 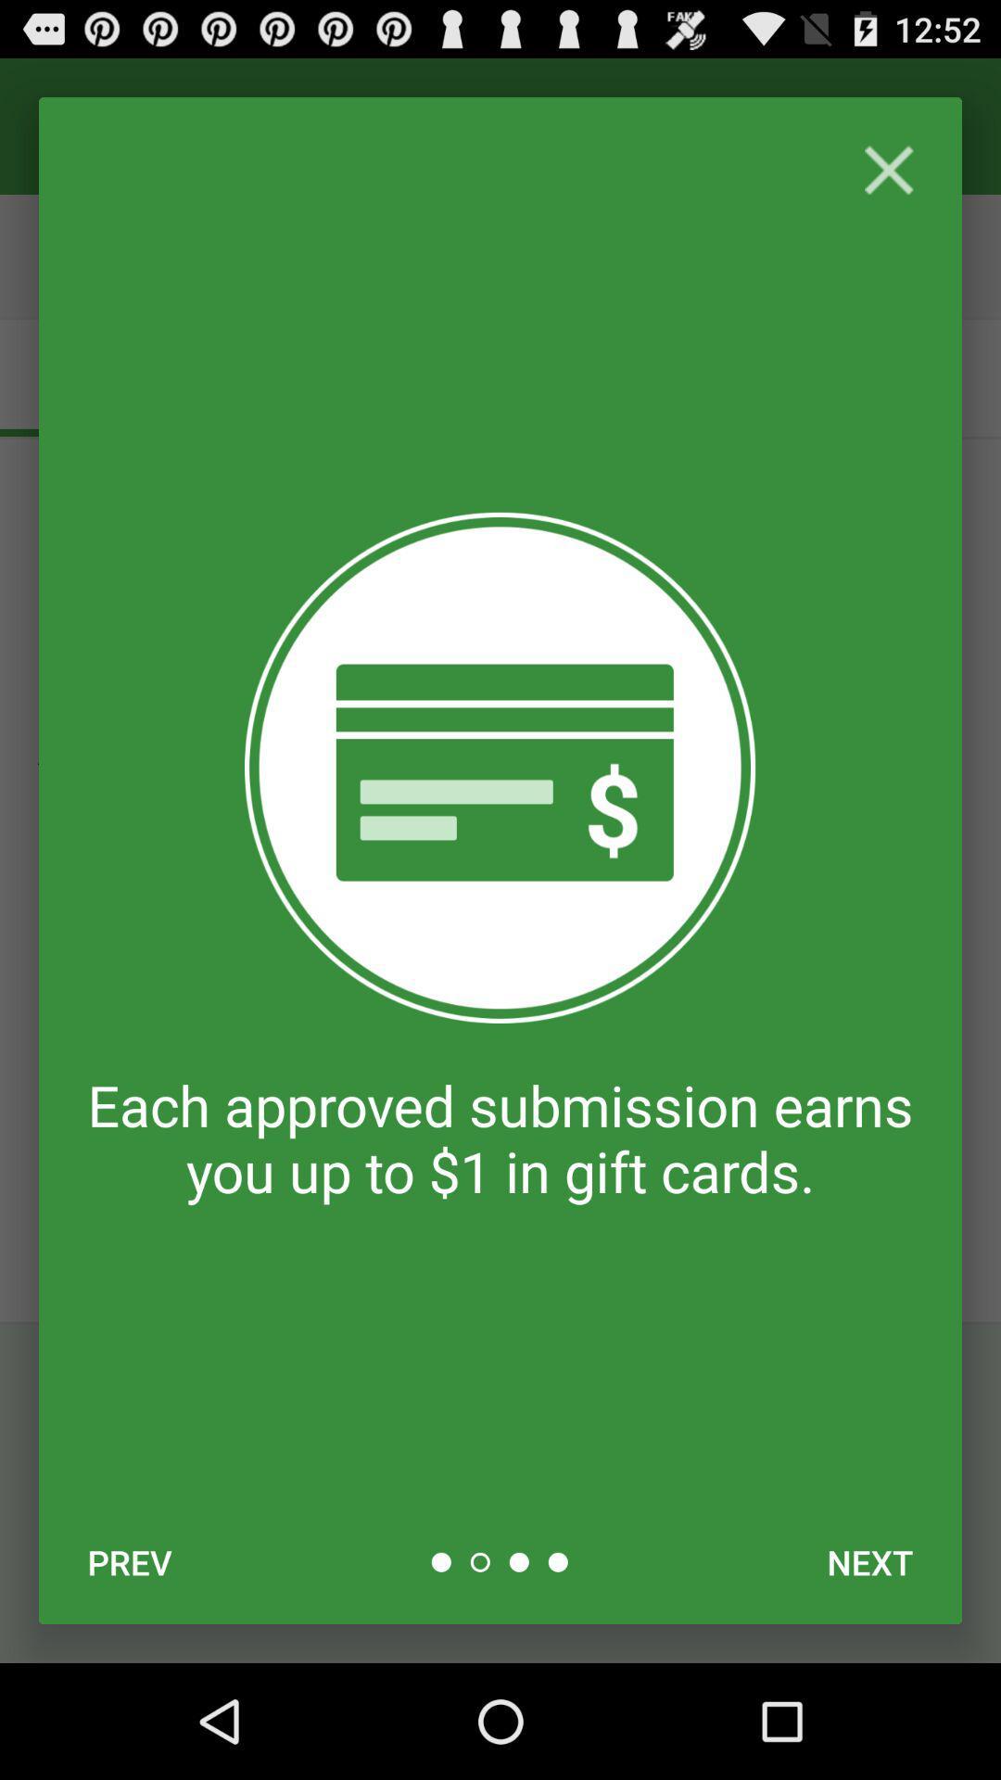 What do you see at coordinates (869, 1561) in the screenshot?
I see `the next item` at bounding box center [869, 1561].